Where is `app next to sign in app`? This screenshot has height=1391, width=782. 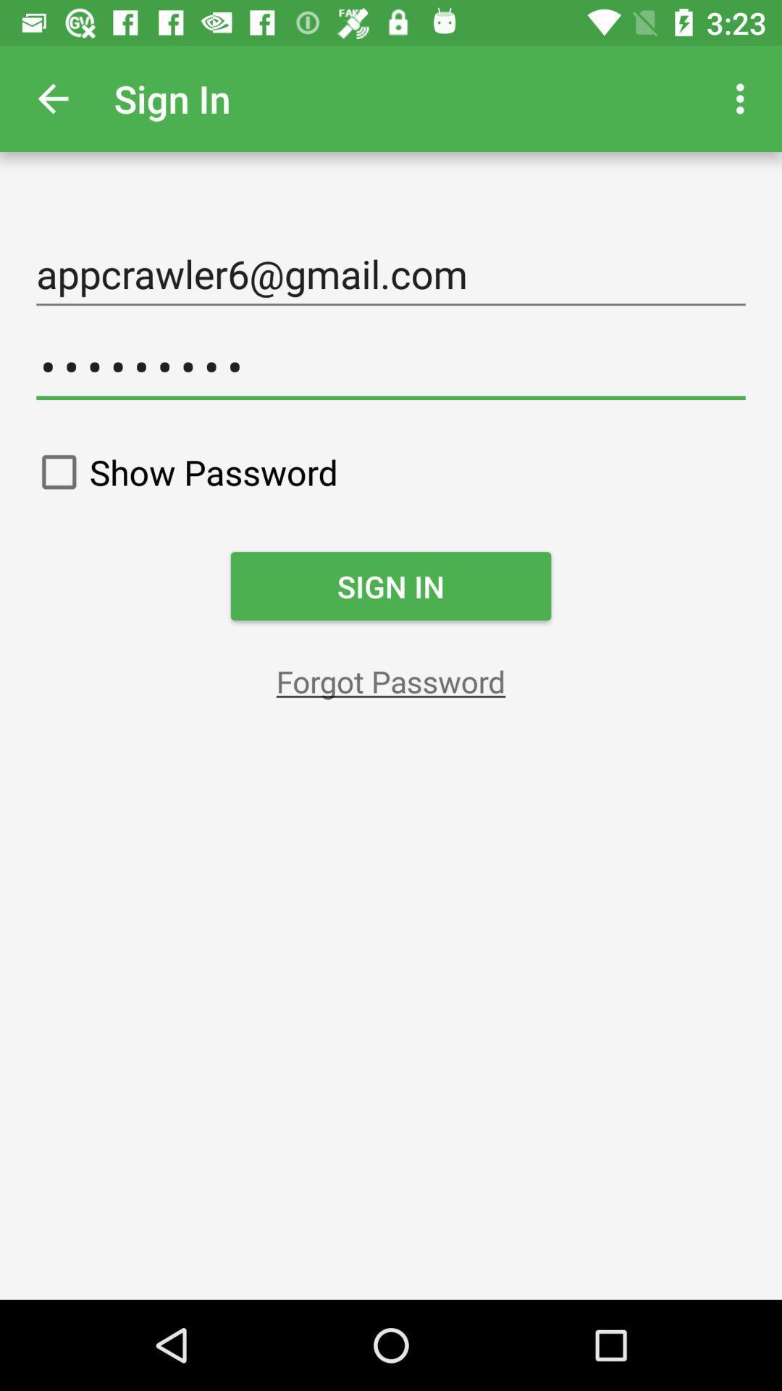
app next to sign in app is located at coordinates (52, 98).